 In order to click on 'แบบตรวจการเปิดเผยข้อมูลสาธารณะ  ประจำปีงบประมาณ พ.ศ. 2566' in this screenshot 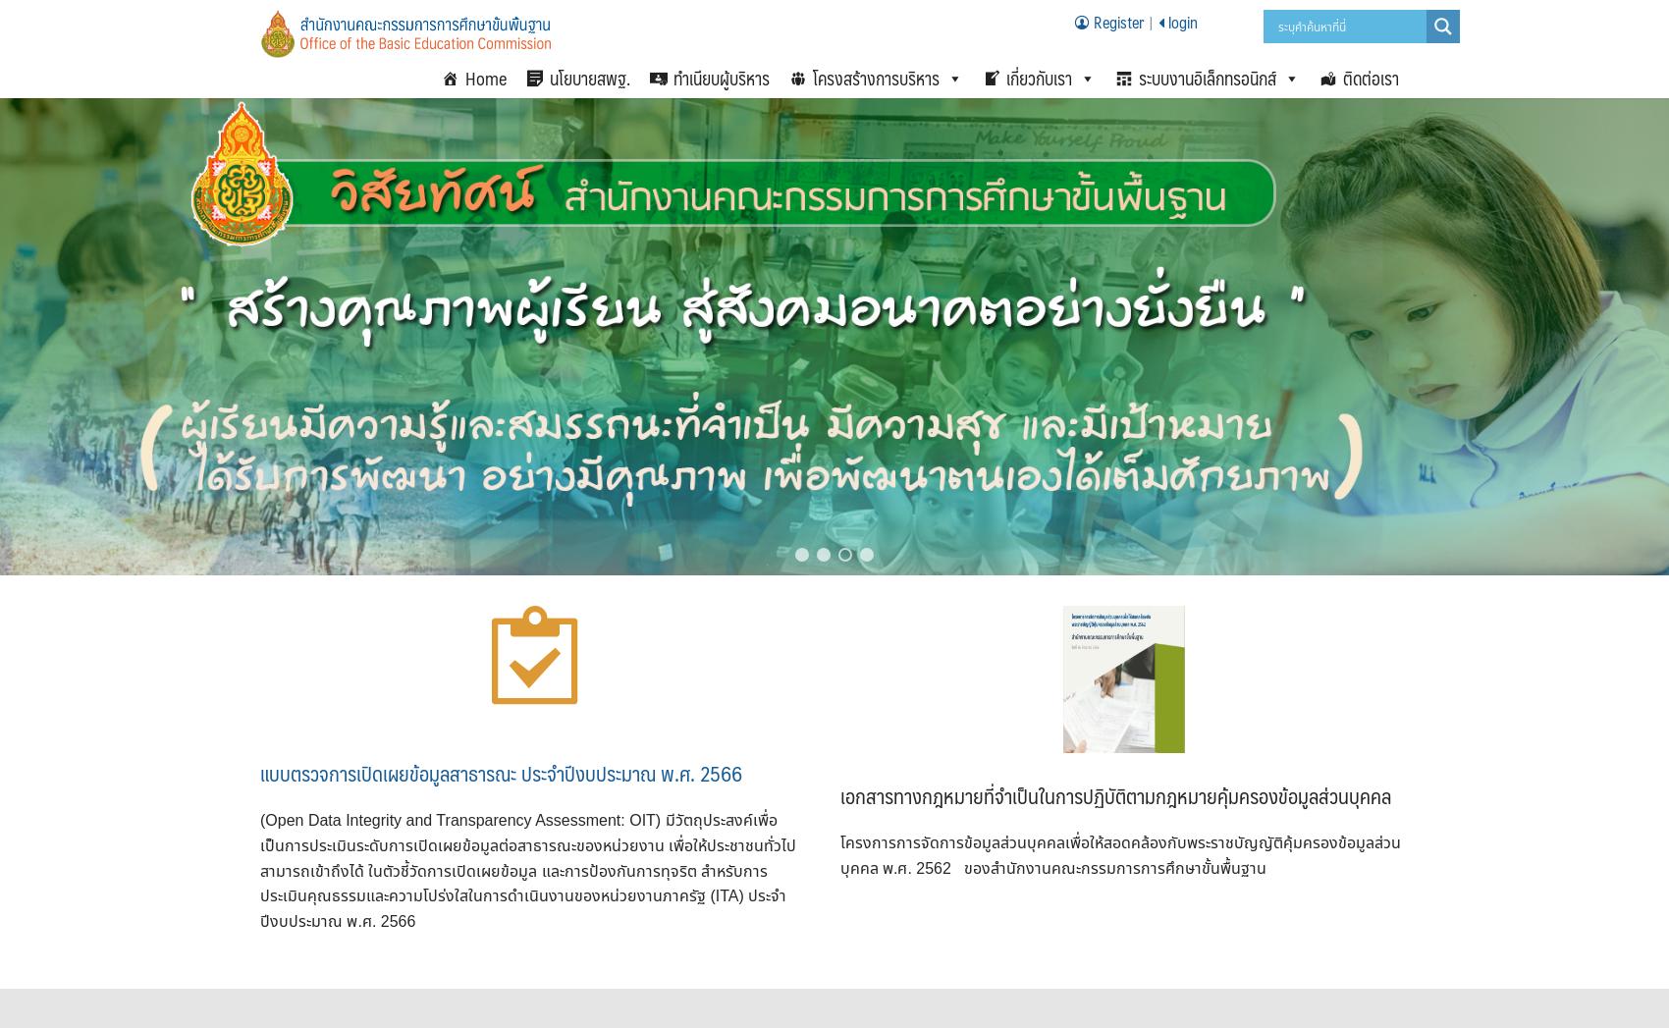, I will do `click(260, 771)`.